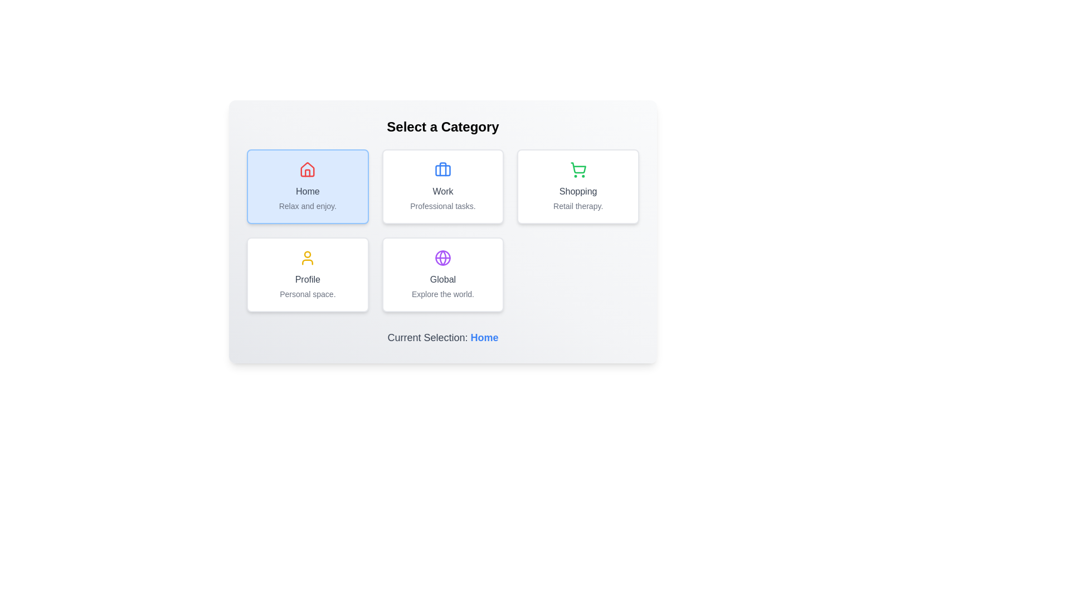  I want to click on the category Global by clicking its corresponding button, so click(442, 275).